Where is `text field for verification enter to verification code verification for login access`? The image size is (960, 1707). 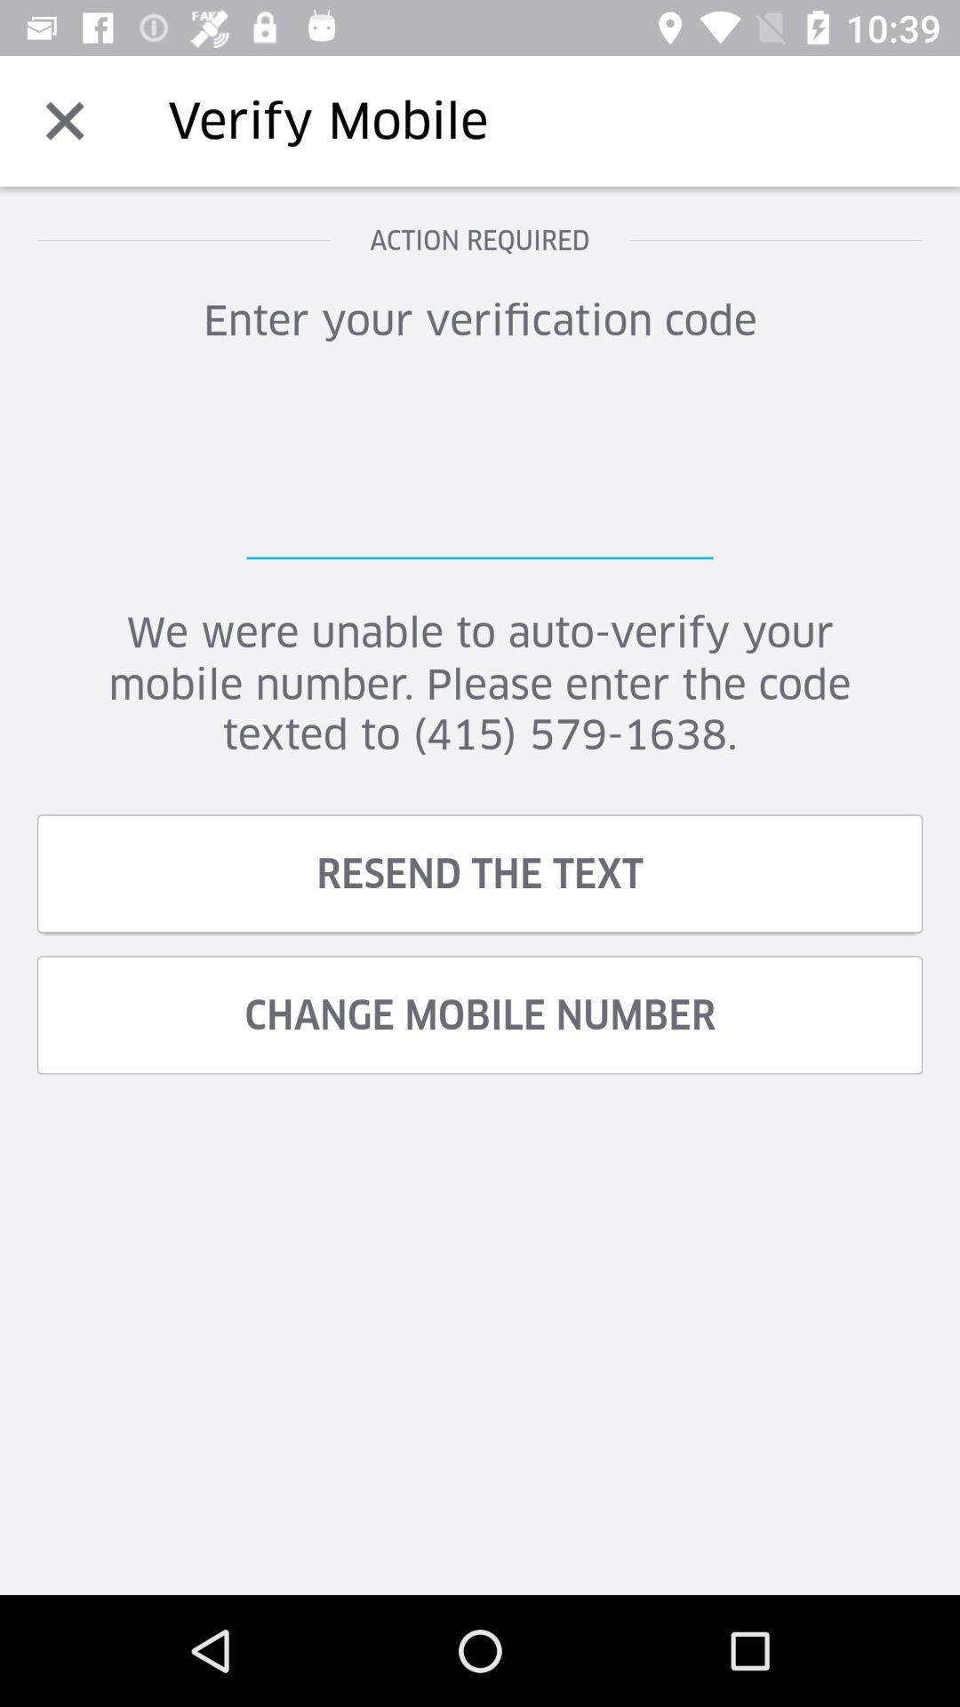
text field for verification enter to verification code verification for login access is located at coordinates (480, 470).